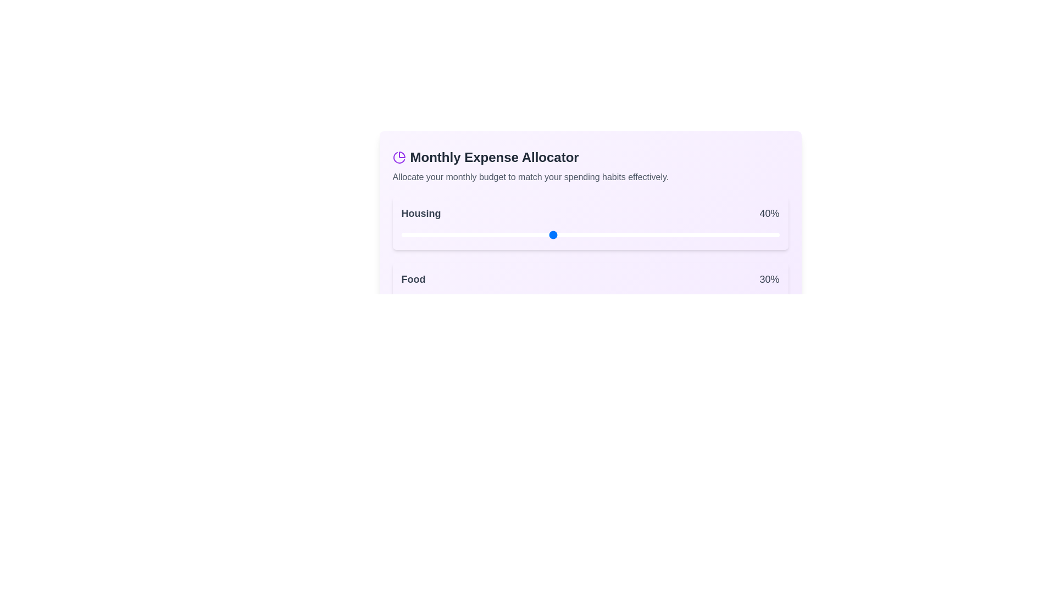 Image resolution: width=1055 pixels, height=593 pixels. I want to click on the value of the 'Housing' percentage slider, so click(726, 234).